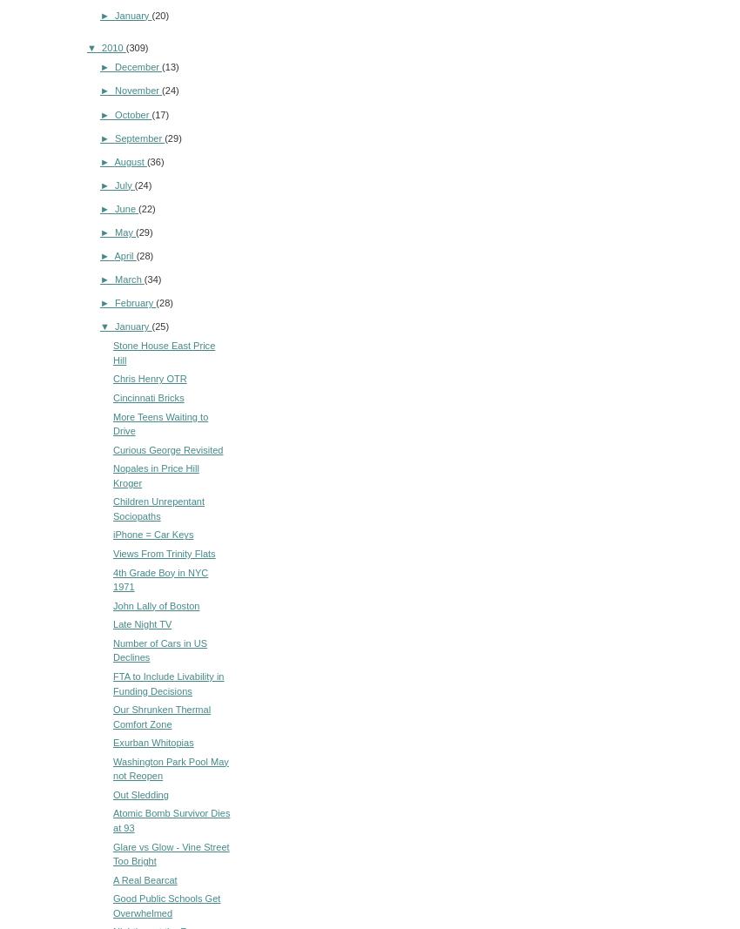  Describe the element at coordinates (112, 475) in the screenshot. I see `'Nopales in Price Hill Kroger'` at that location.